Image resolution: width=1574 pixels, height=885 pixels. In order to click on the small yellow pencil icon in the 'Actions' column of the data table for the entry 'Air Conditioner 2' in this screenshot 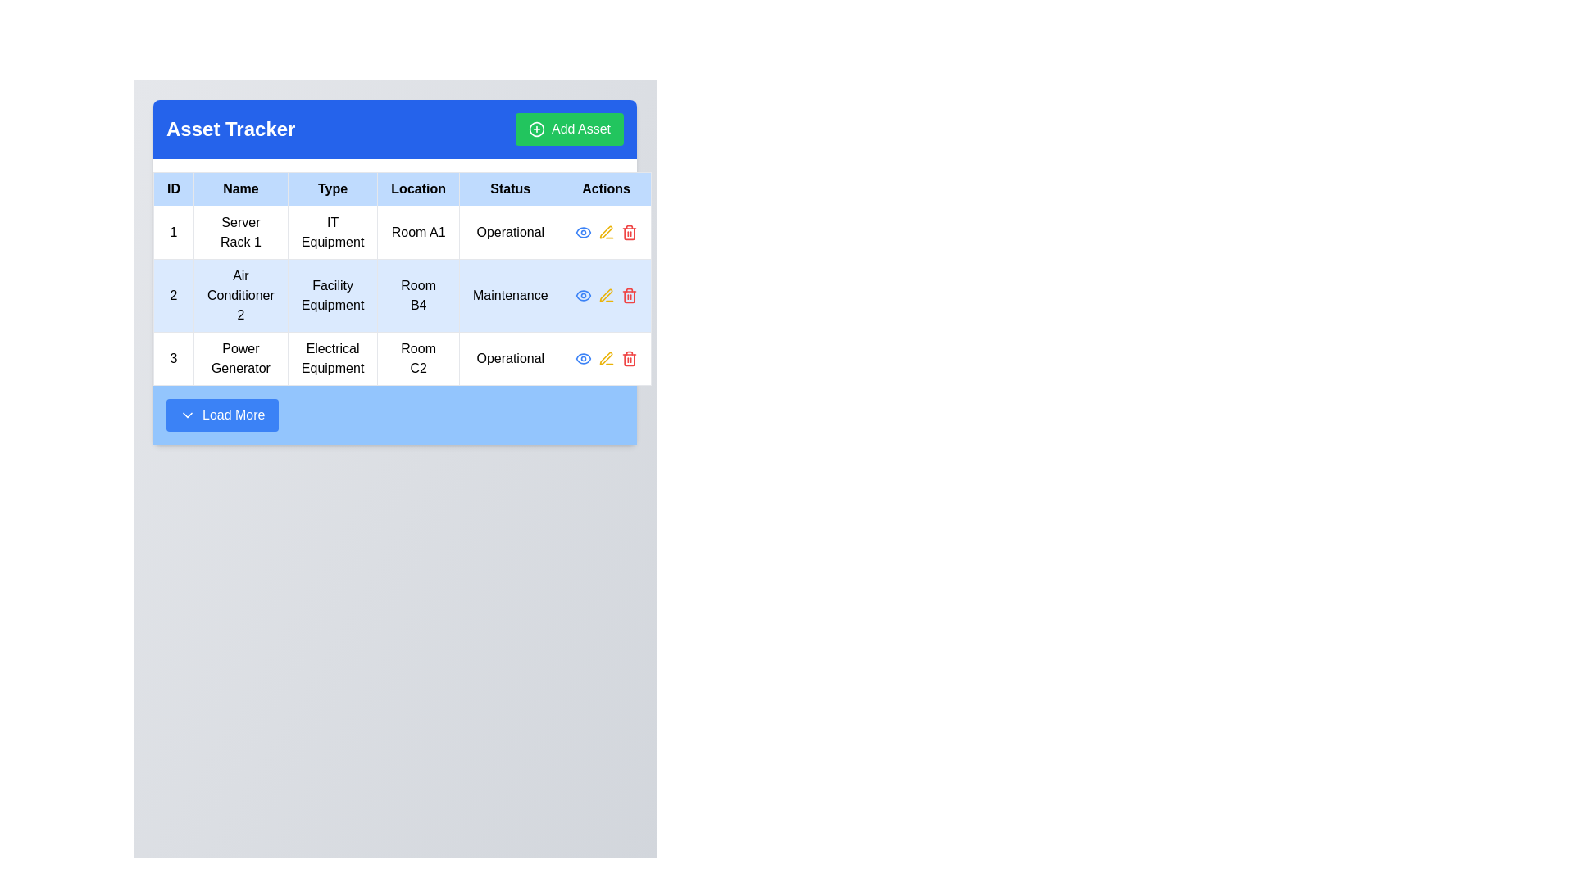, I will do `click(605, 295)`.